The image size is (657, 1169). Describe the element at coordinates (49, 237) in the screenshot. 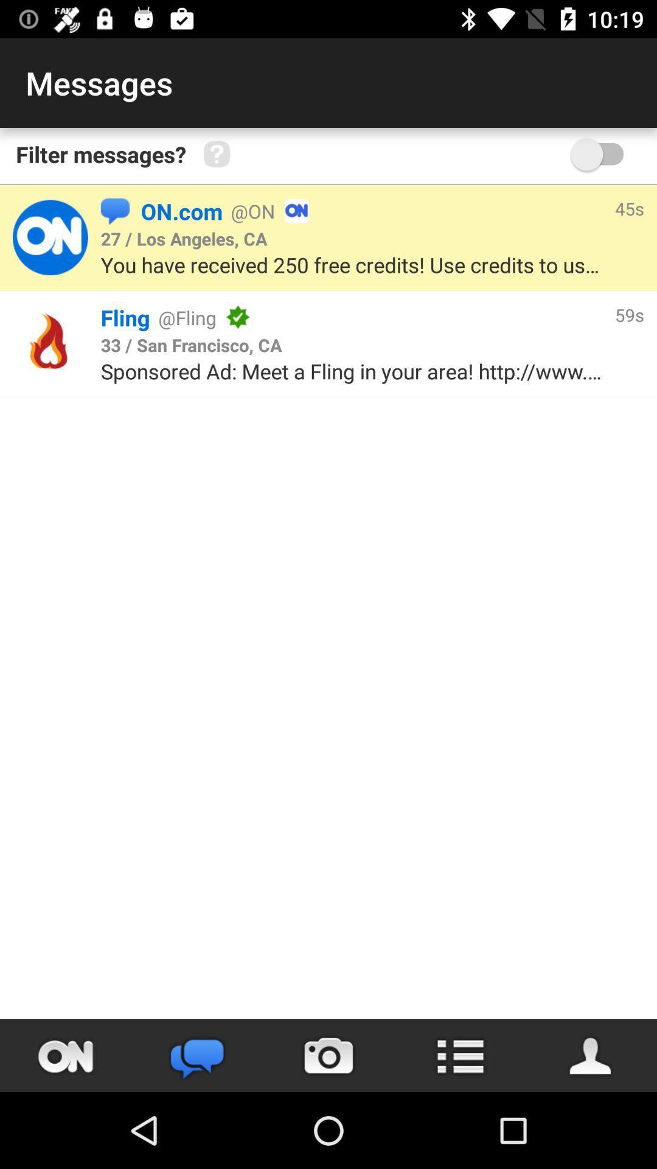

I see `logo` at that location.